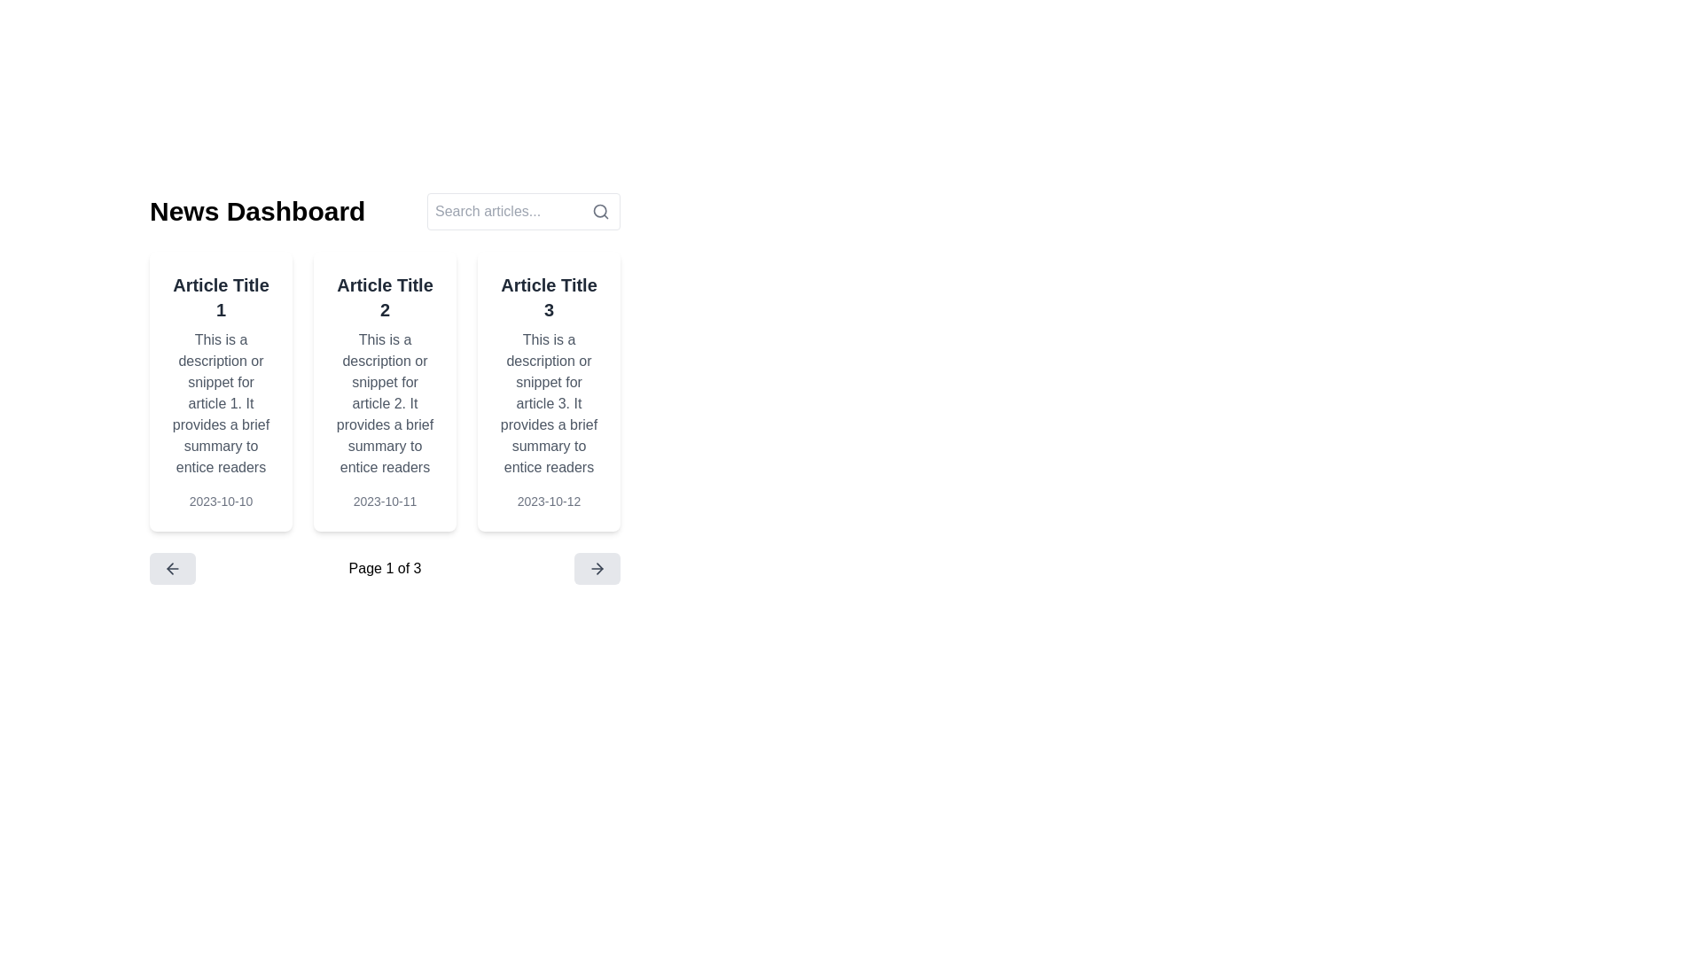 The image size is (1702, 957). Describe the element at coordinates (384, 502) in the screenshot. I see `date displayed in the text label located at the bottom of the second article card, beneath the descriptive snippet of 'Article Title 2'` at that location.